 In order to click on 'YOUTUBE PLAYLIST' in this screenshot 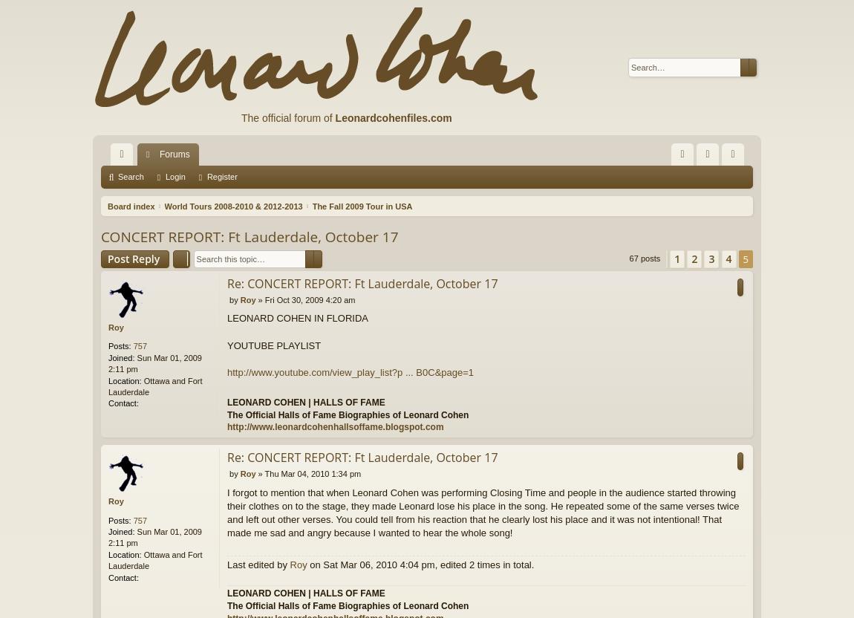, I will do `click(274, 345)`.